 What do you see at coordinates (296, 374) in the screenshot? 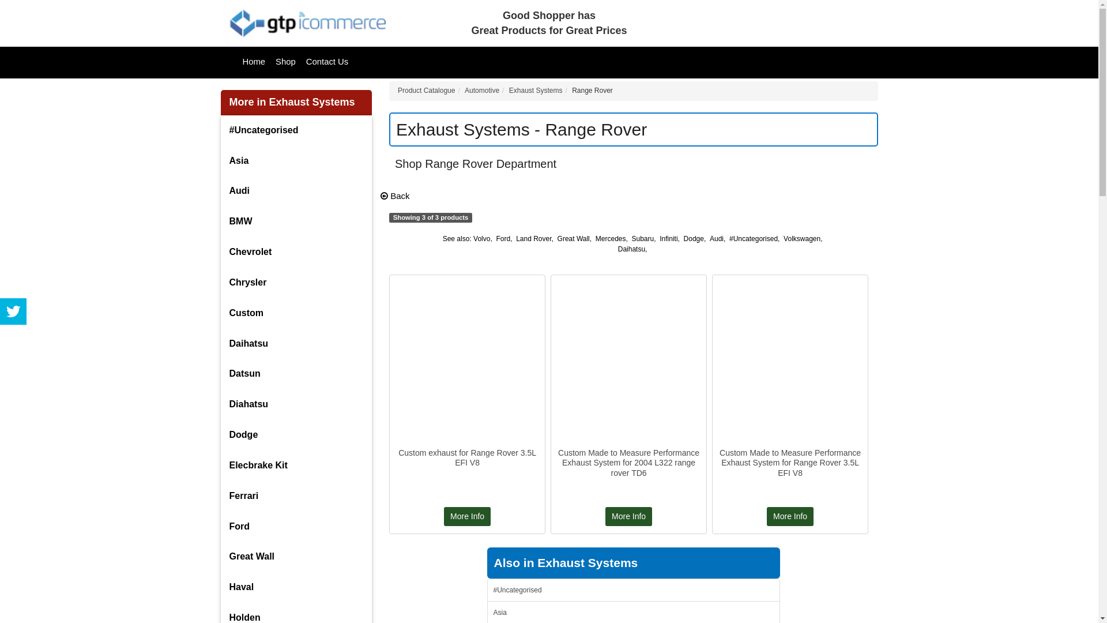
I see `'Datsun'` at bounding box center [296, 374].